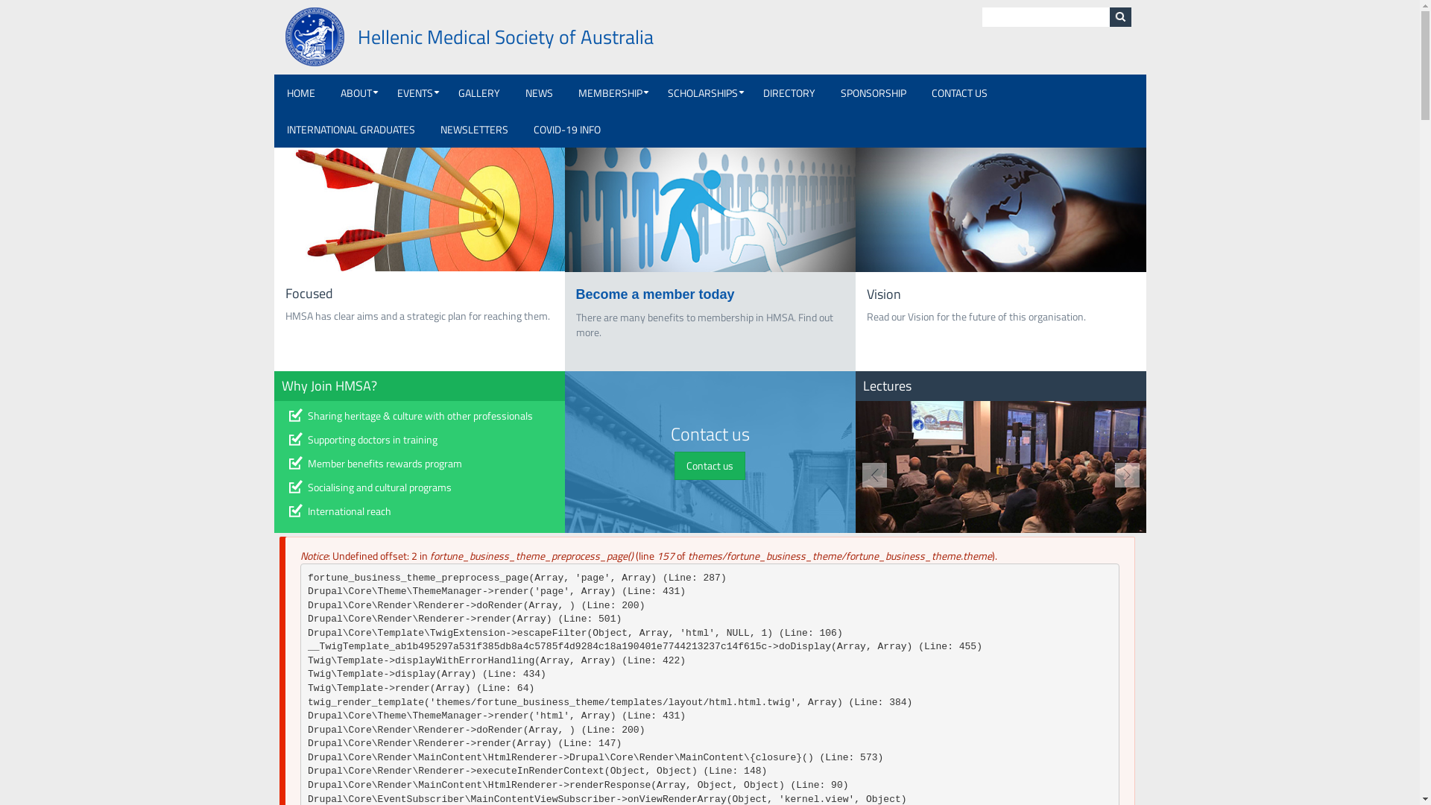 Image resolution: width=1431 pixels, height=805 pixels. I want to click on 'Search', so click(1119, 17).